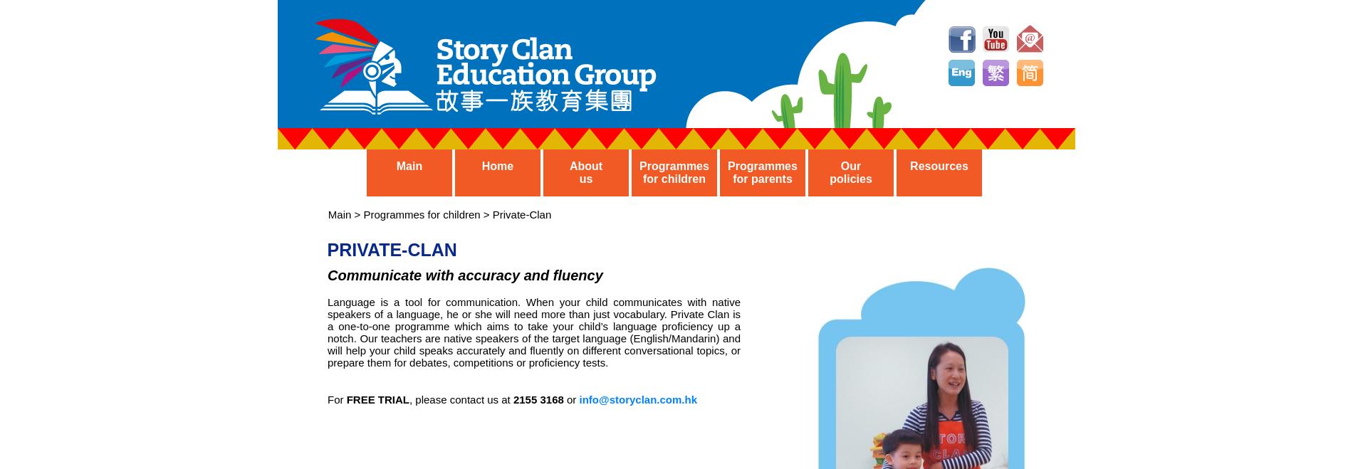 This screenshot has width=1353, height=469. Describe the element at coordinates (277, 248) in the screenshot. I see `'PRIVATE-CLAN'` at that location.